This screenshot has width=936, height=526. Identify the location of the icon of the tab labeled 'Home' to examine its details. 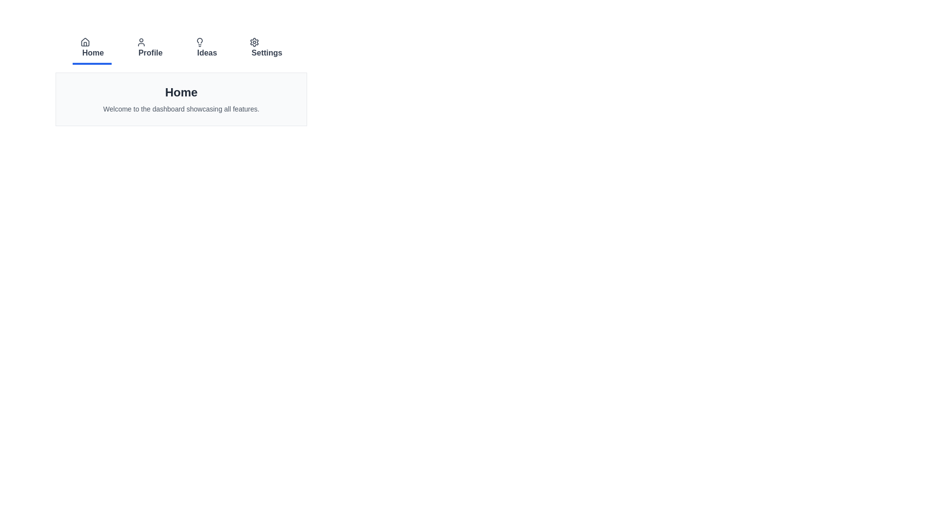
(85, 42).